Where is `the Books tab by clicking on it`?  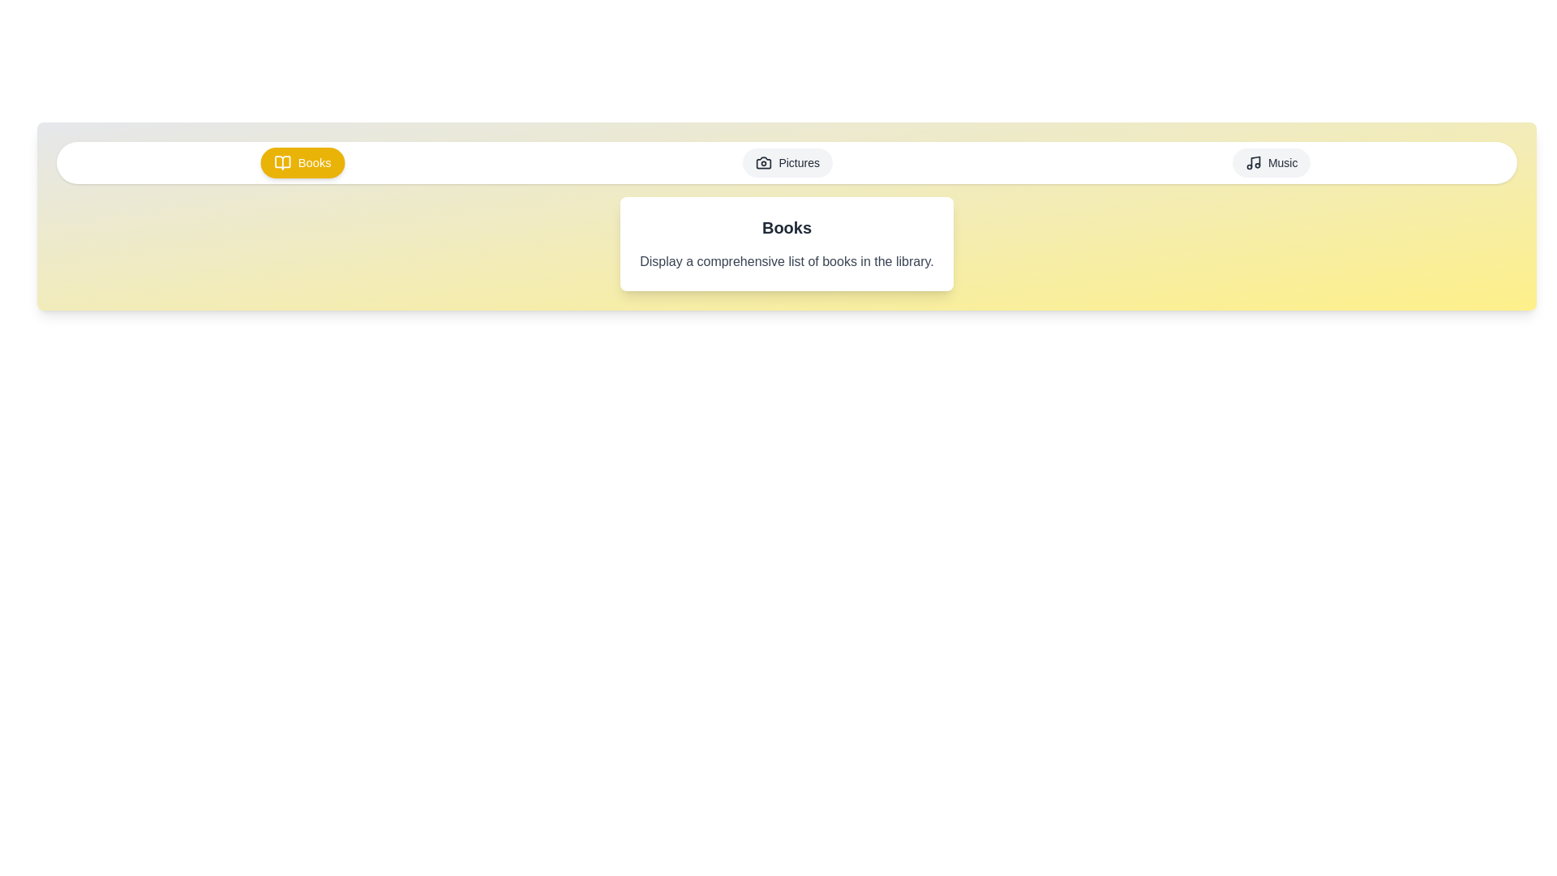 the Books tab by clicking on it is located at coordinates (303, 162).